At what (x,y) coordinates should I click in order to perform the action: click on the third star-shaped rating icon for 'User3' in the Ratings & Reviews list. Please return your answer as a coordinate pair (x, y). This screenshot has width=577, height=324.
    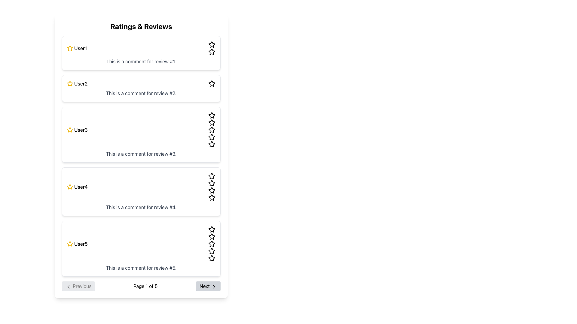
    Looking at the image, I should click on (212, 137).